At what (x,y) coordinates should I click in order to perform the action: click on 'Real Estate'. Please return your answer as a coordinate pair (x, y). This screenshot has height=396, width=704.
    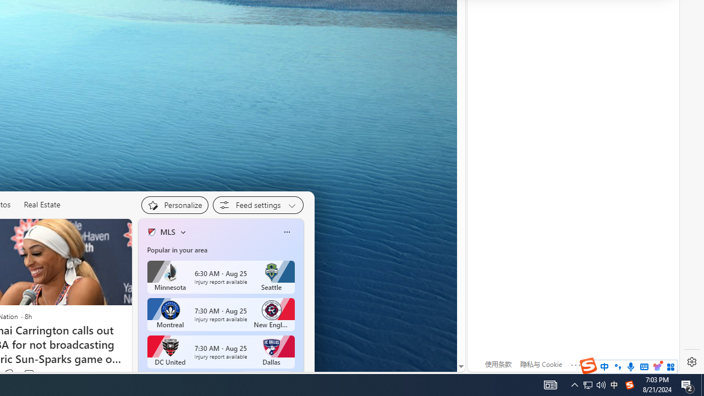
    Looking at the image, I should click on (42, 205).